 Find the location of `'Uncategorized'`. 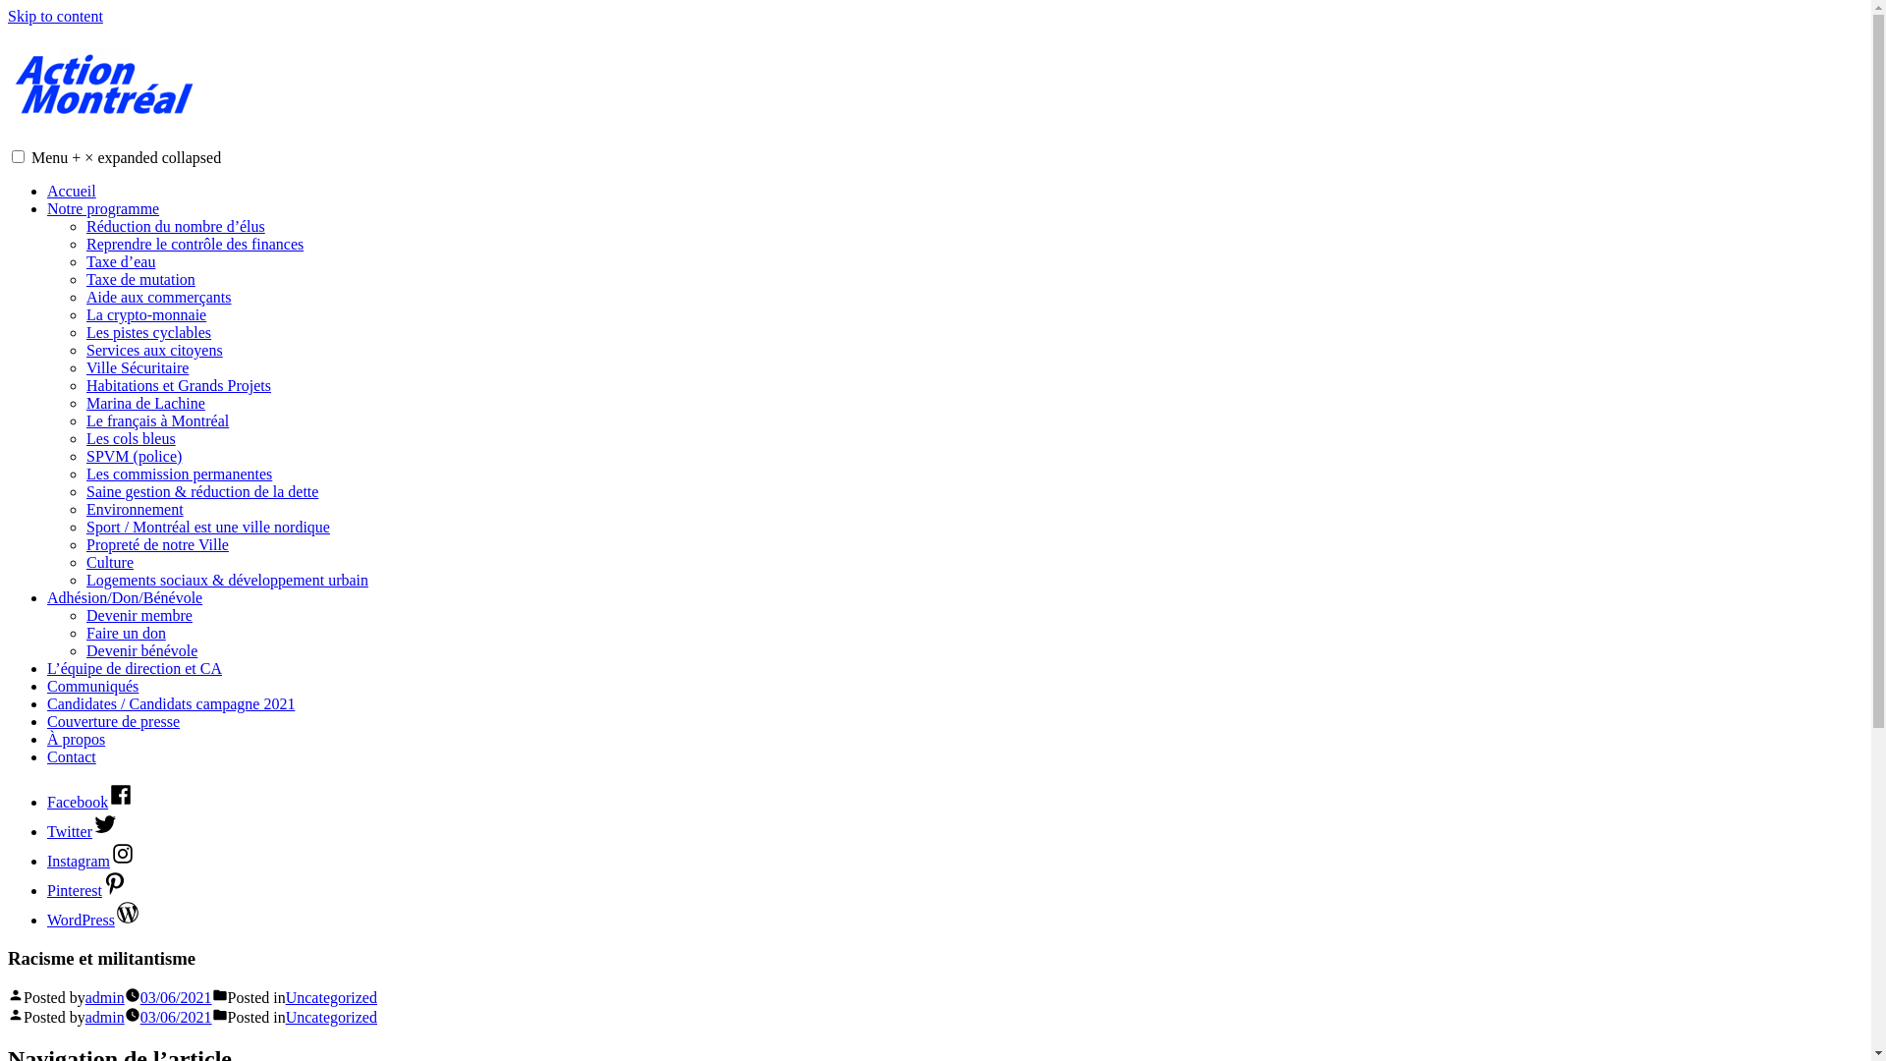

'Uncategorized' is located at coordinates (331, 997).